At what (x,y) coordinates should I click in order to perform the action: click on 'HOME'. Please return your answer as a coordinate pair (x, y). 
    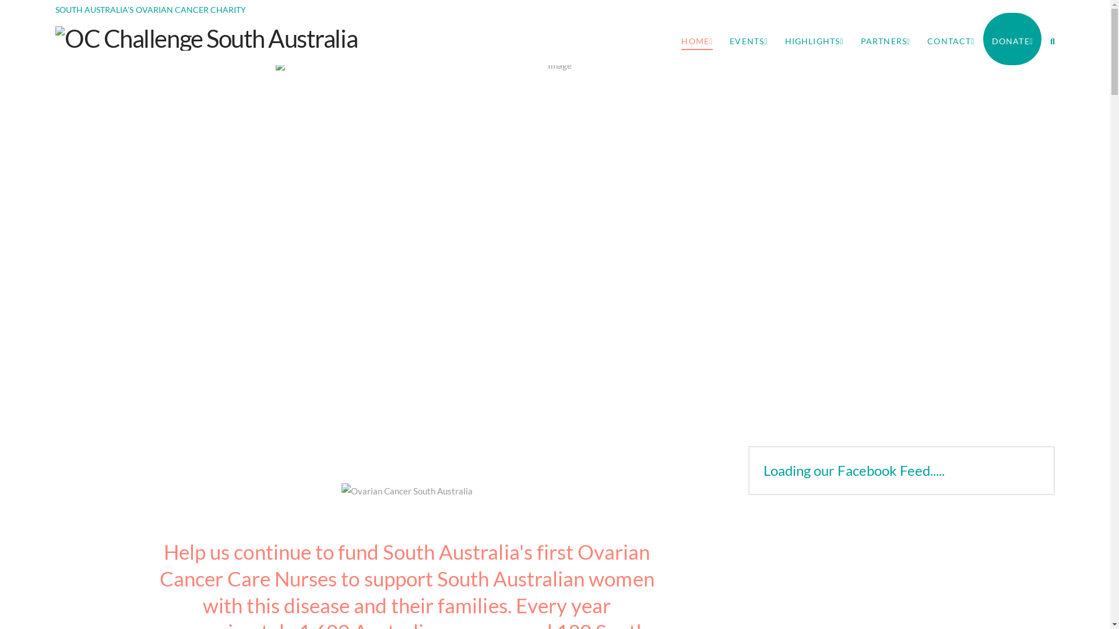
    Looking at the image, I should click on (696, 38).